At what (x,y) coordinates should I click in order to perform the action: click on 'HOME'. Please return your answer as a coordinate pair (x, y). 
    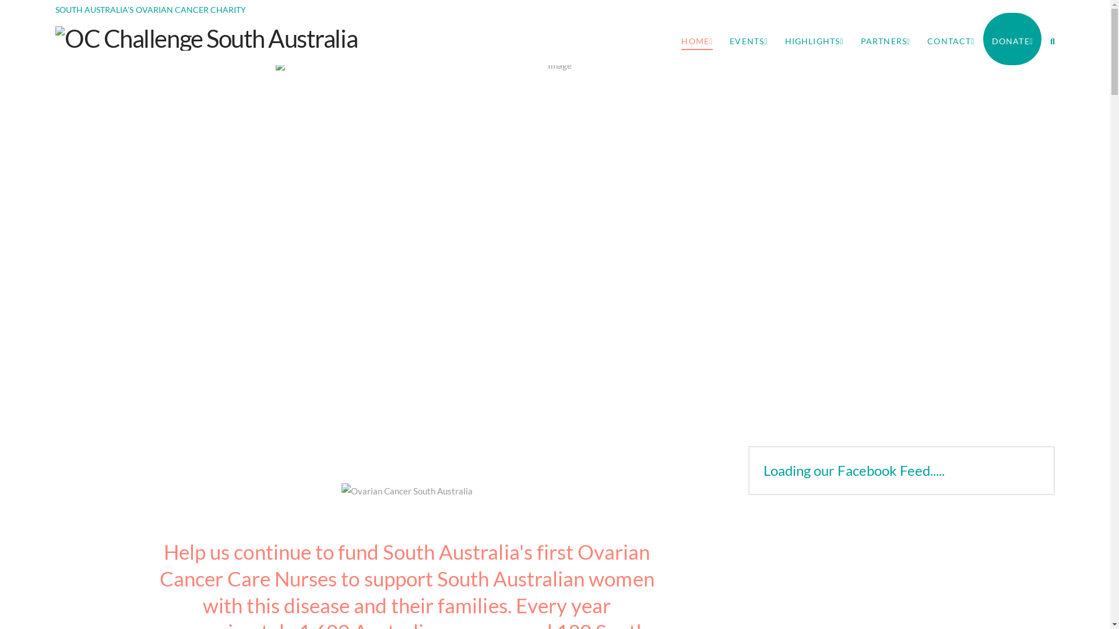
    Looking at the image, I should click on (696, 38).